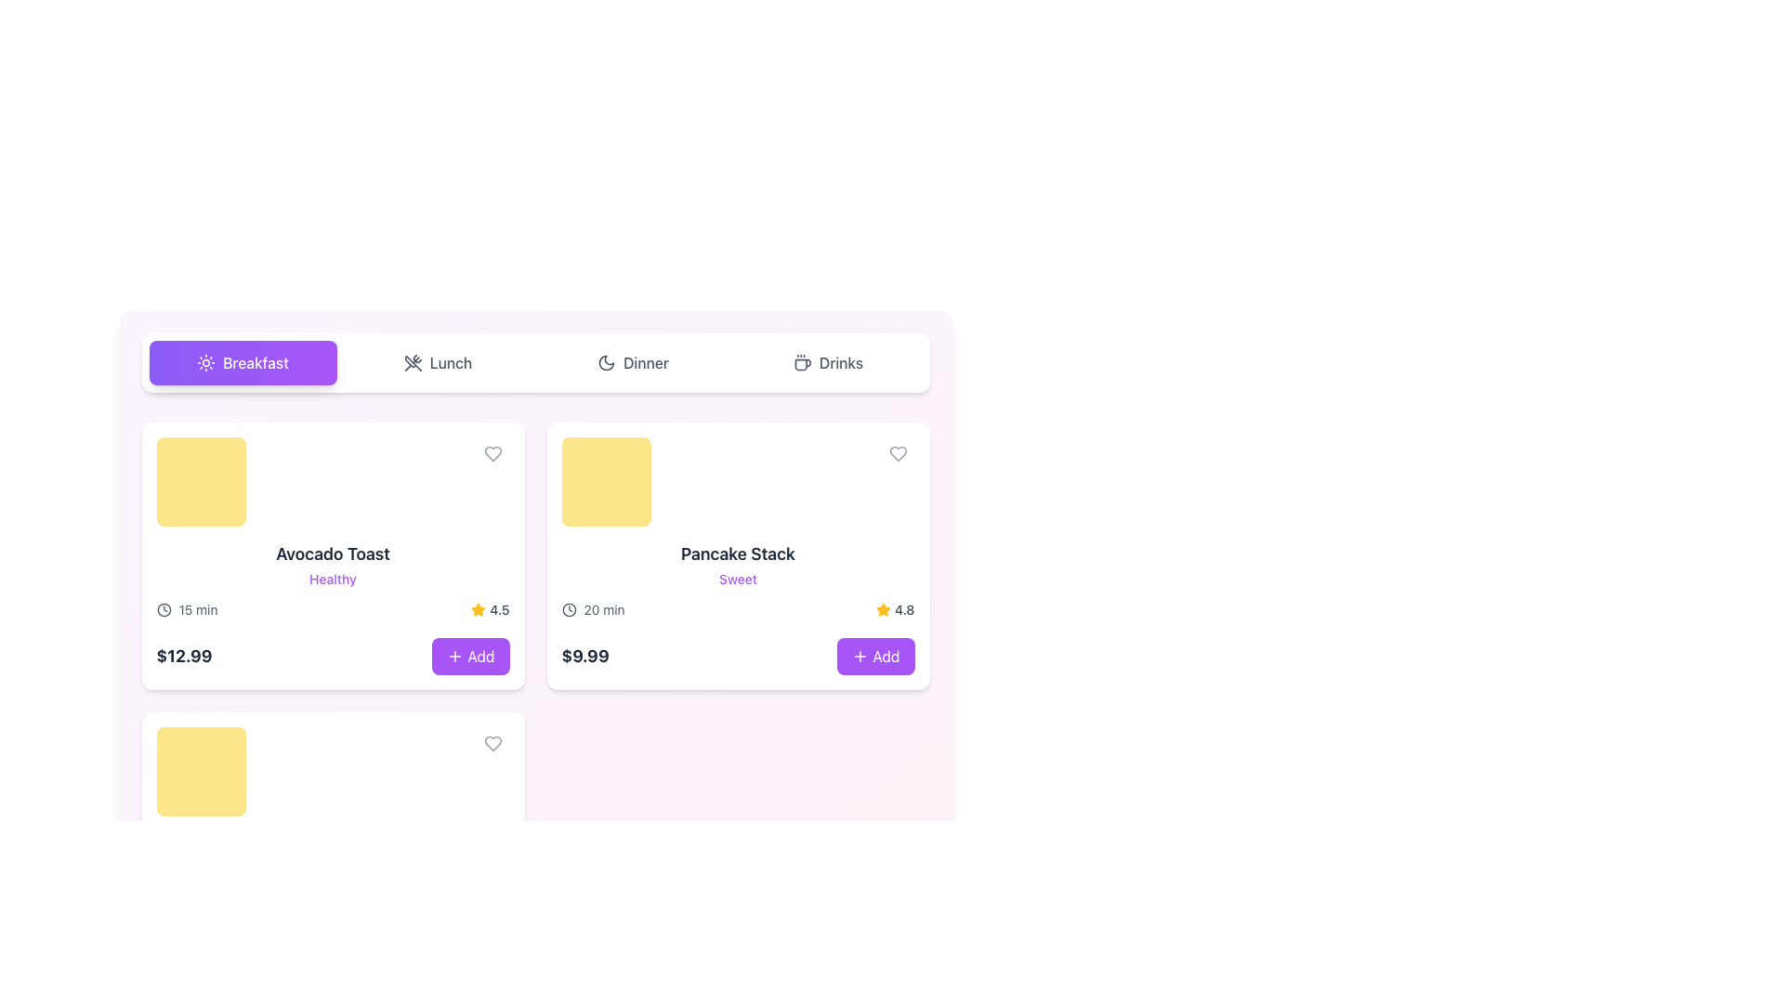 The image size is (1784, 1003). What do you see at coordinates (859, 655) in the screenshot?
I see `the icon inside the purple 'Add' button located to the right of the 'Pancake Stack' menu item` at bounding box center [859, 655].